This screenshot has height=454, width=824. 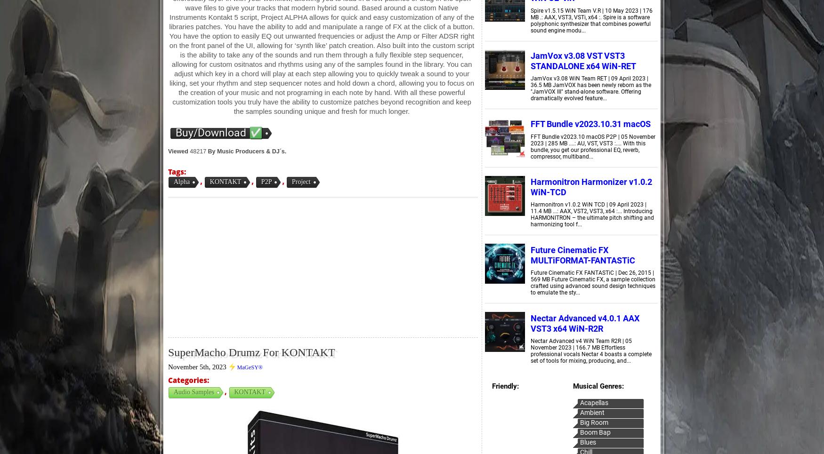 I want to click on 'Categories:', so click(x=188, y=380).